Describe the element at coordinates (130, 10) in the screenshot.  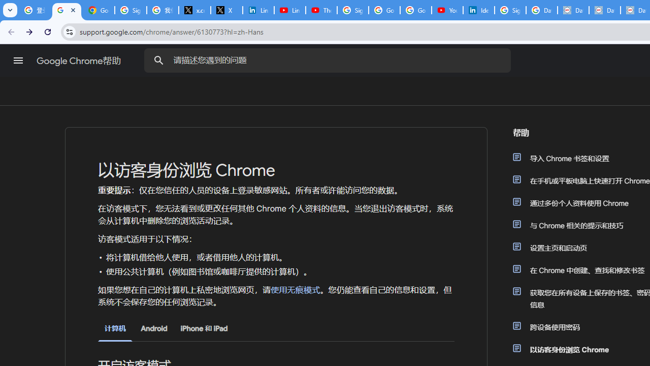
I see `'Sign in - Google Accounts'` at that location.